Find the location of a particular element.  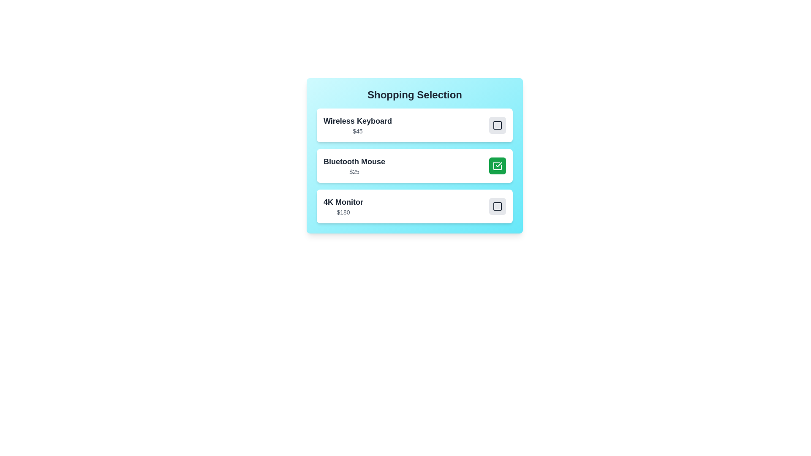

the square-shaped icon with rounded corners, located to the far right of the '4K Monitor $180' list item is located at coordinates (497, 206).